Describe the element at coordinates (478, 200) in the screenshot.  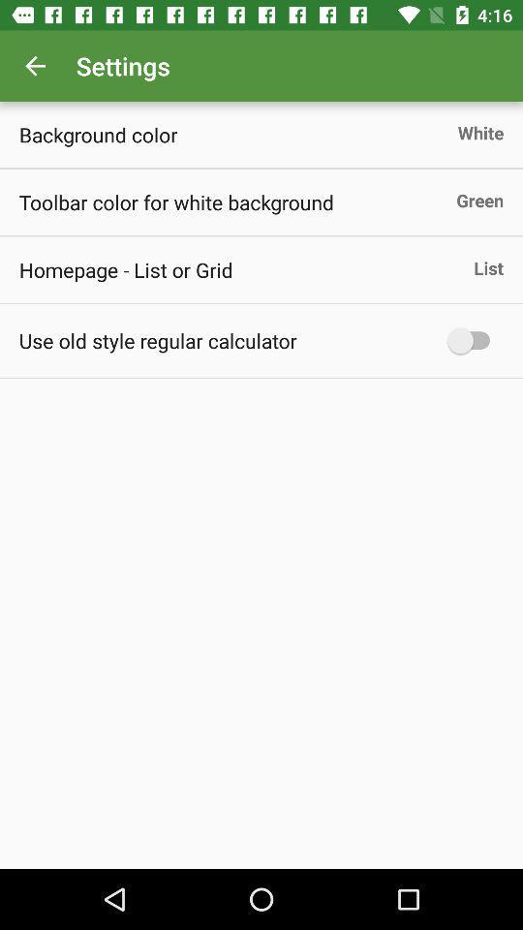
I see `icon to the right of toolbar color for icon` at that location.